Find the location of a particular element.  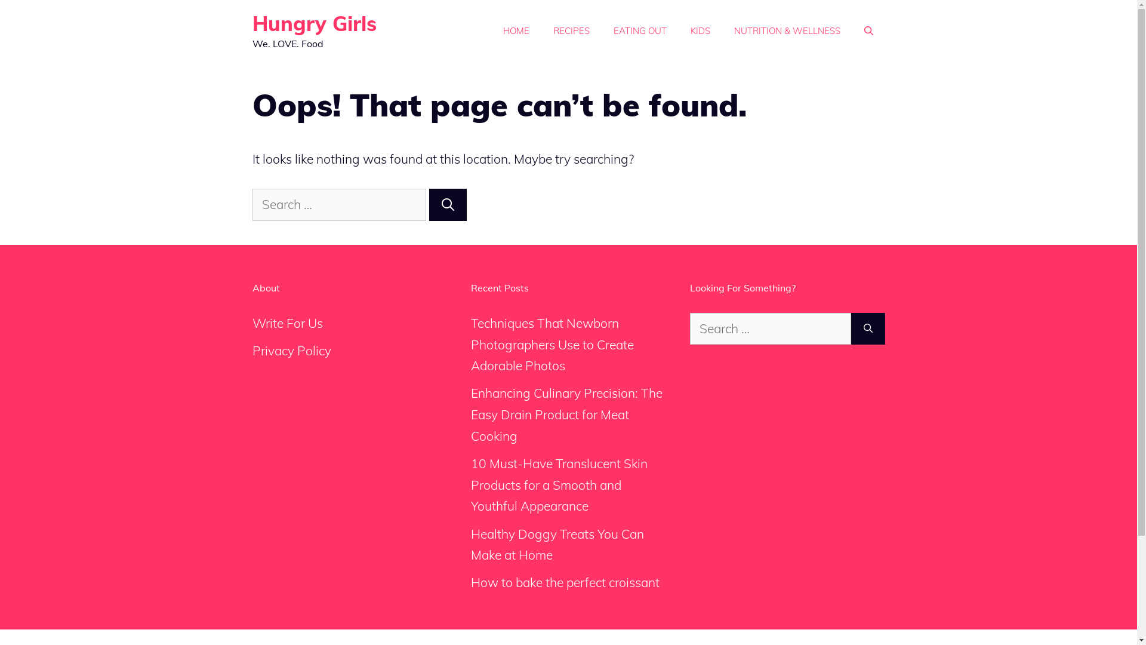

'NUTRITION & WELLNESS' is located at coordinates (787, 30).